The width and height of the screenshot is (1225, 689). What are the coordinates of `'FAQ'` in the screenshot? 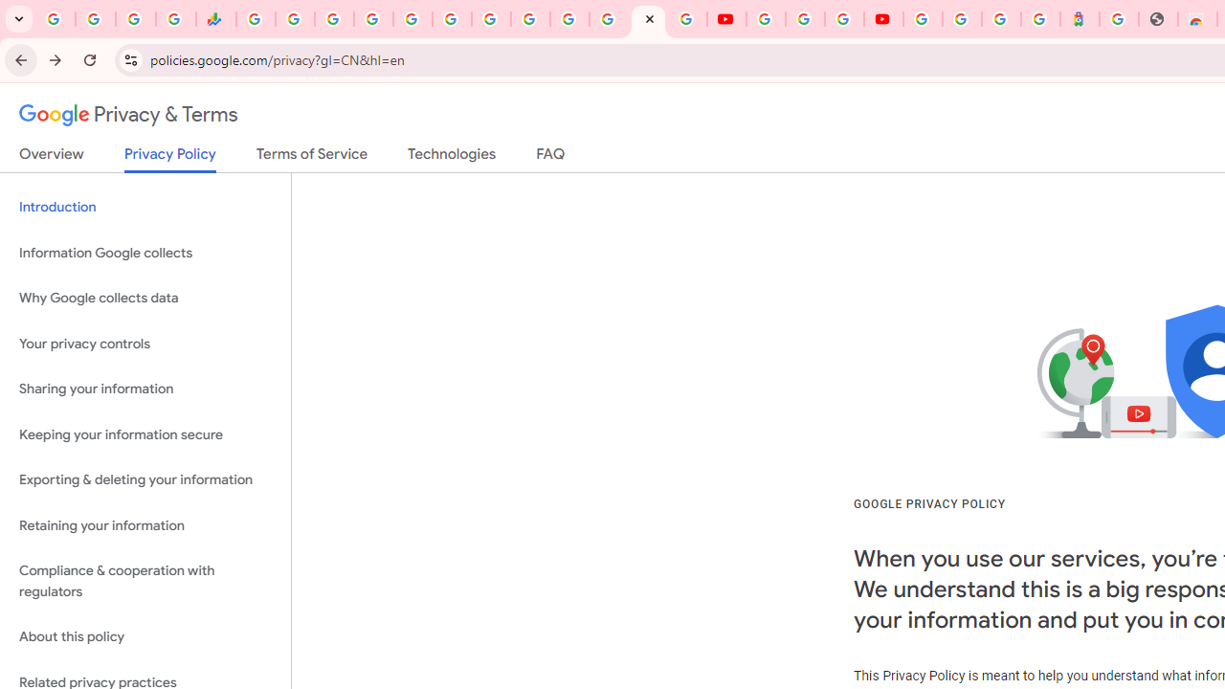 It's located at (550, 157).